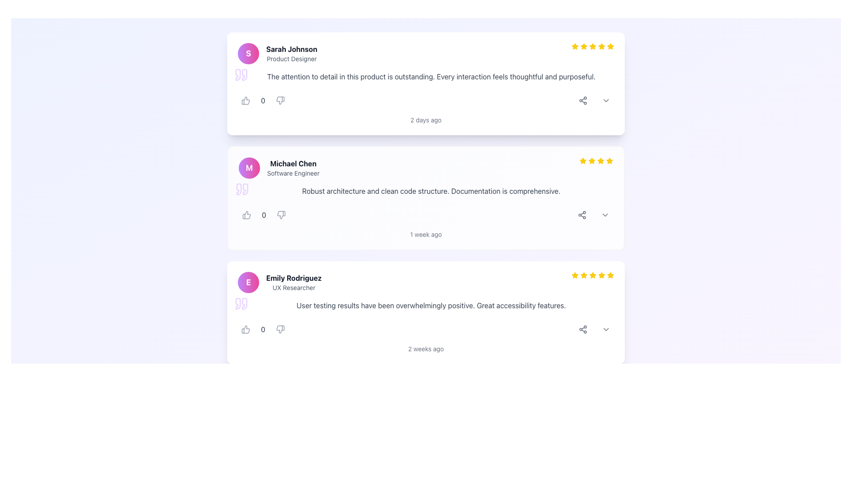 This screenshot has width=852, height=479. I want to click on the Profile information display featuring a circular avatar with a purple-to-pink gradient background and the letter 'S' in white, alongside the name 'Sarah Johnson' and subtitle 'Product Designer', so click(277, 53).